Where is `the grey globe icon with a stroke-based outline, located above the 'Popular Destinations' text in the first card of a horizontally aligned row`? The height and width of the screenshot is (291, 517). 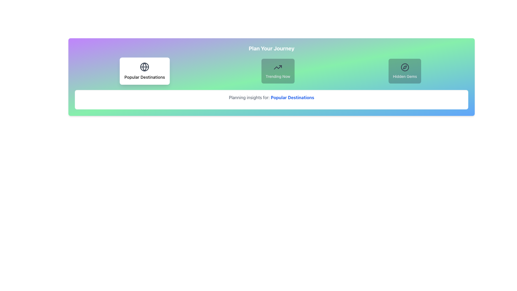 the grey globe icon with a stroke-based outline, located above the 'Popular Destinations' text in the first card of a horizontally aligned row is located at coordinates (145, 67).